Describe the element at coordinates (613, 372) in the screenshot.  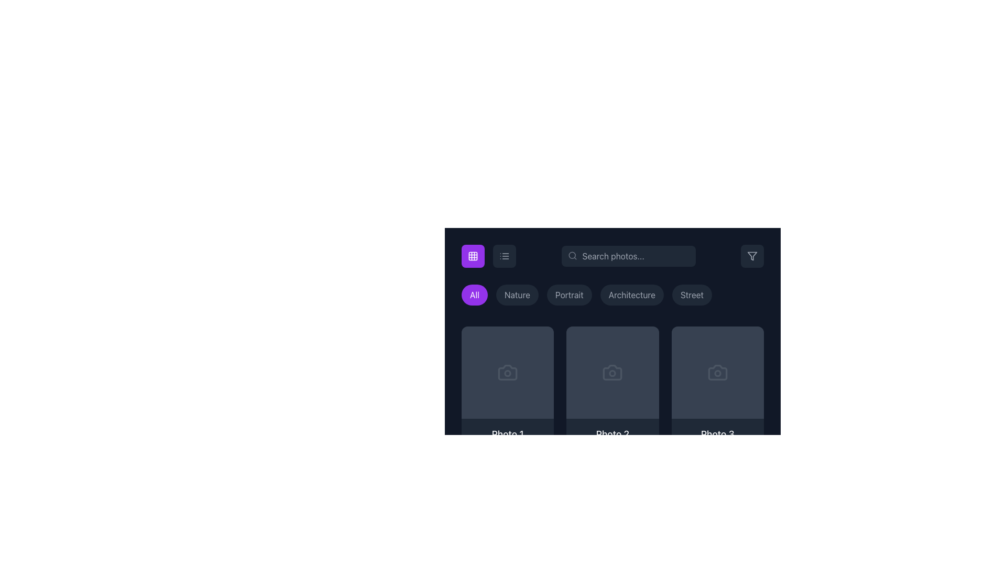
I see `outline of the camera frame element in the 'Photo 2' tile using developer tools, which is part of a vector graphic in an SVG illustration` at that location.